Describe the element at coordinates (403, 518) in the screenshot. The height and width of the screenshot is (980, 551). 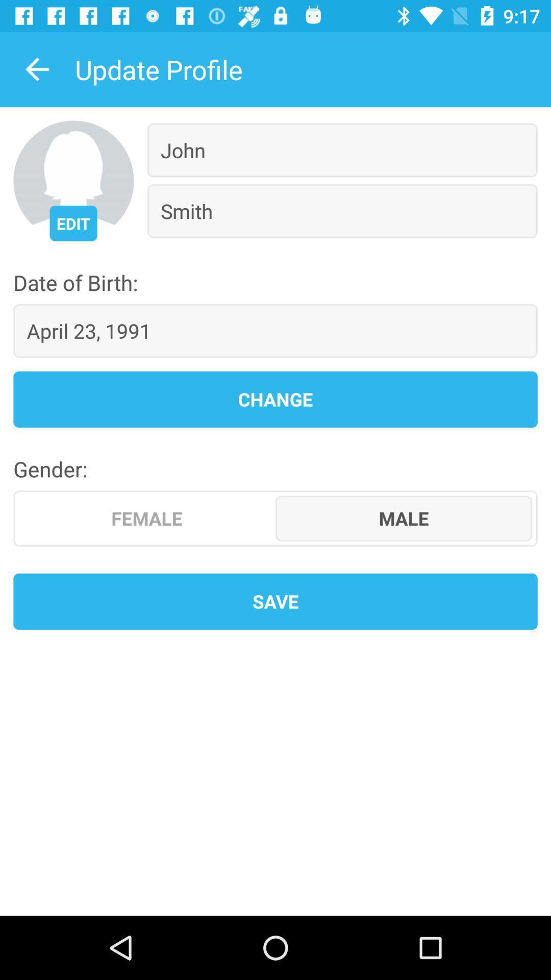
I see `the item to the right of female icon` at that location.